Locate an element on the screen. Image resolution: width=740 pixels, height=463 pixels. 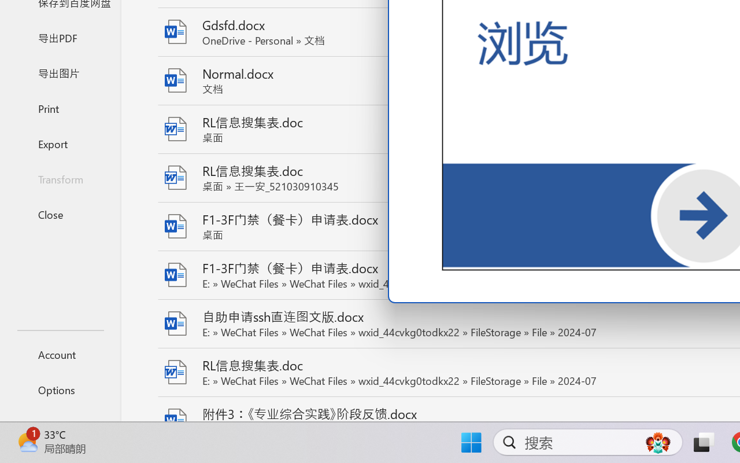
'Account' is located at coordinates (60, 354).